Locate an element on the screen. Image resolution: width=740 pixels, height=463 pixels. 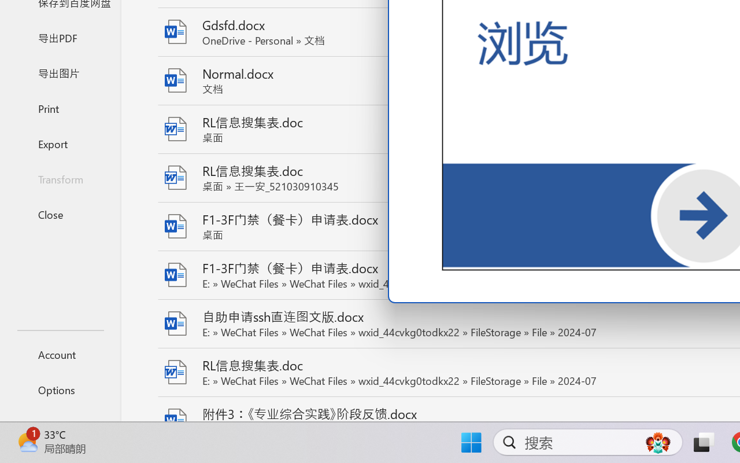
'Account' is located at coordinates (60, 354).